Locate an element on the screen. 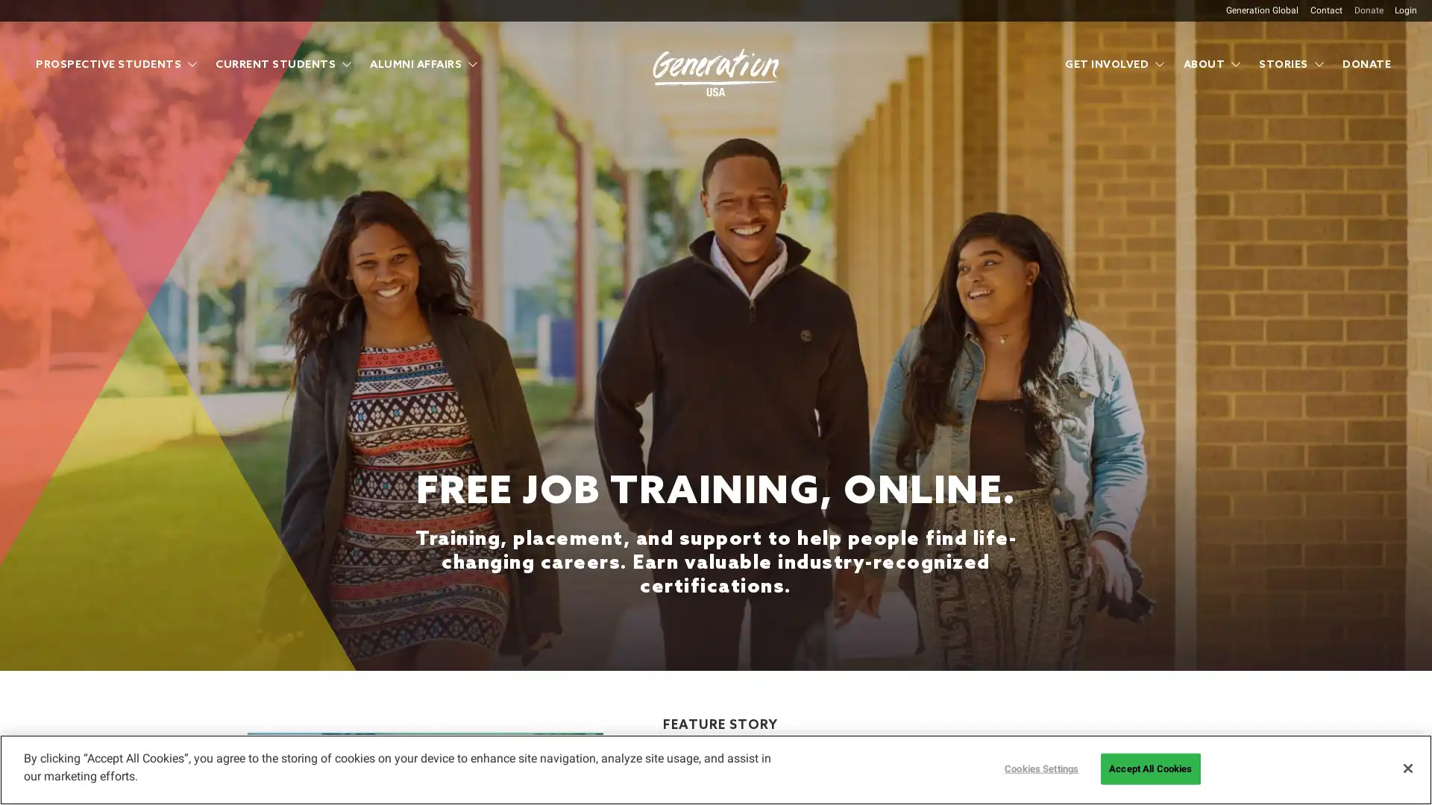 This screenshot has width=1432, height=805. Show submenu for Current Students is located at coordinates (345, 63).